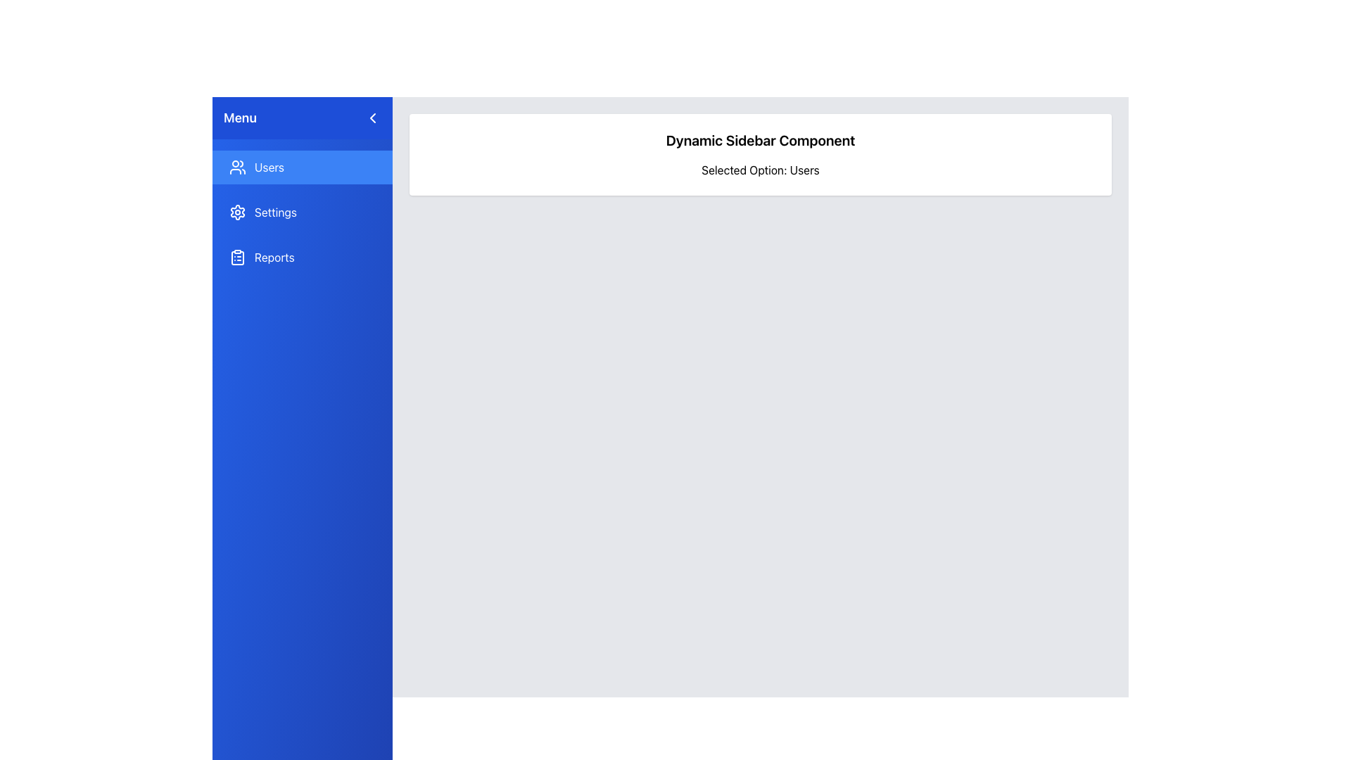 This screenshot has height=760, width=1351. What do you see at coordinates (237, 212) in the screenshot?
I see `the cogwheel settings icon located in the sidebar menu under the 'Settings' item` at bounding box center [237, 212].